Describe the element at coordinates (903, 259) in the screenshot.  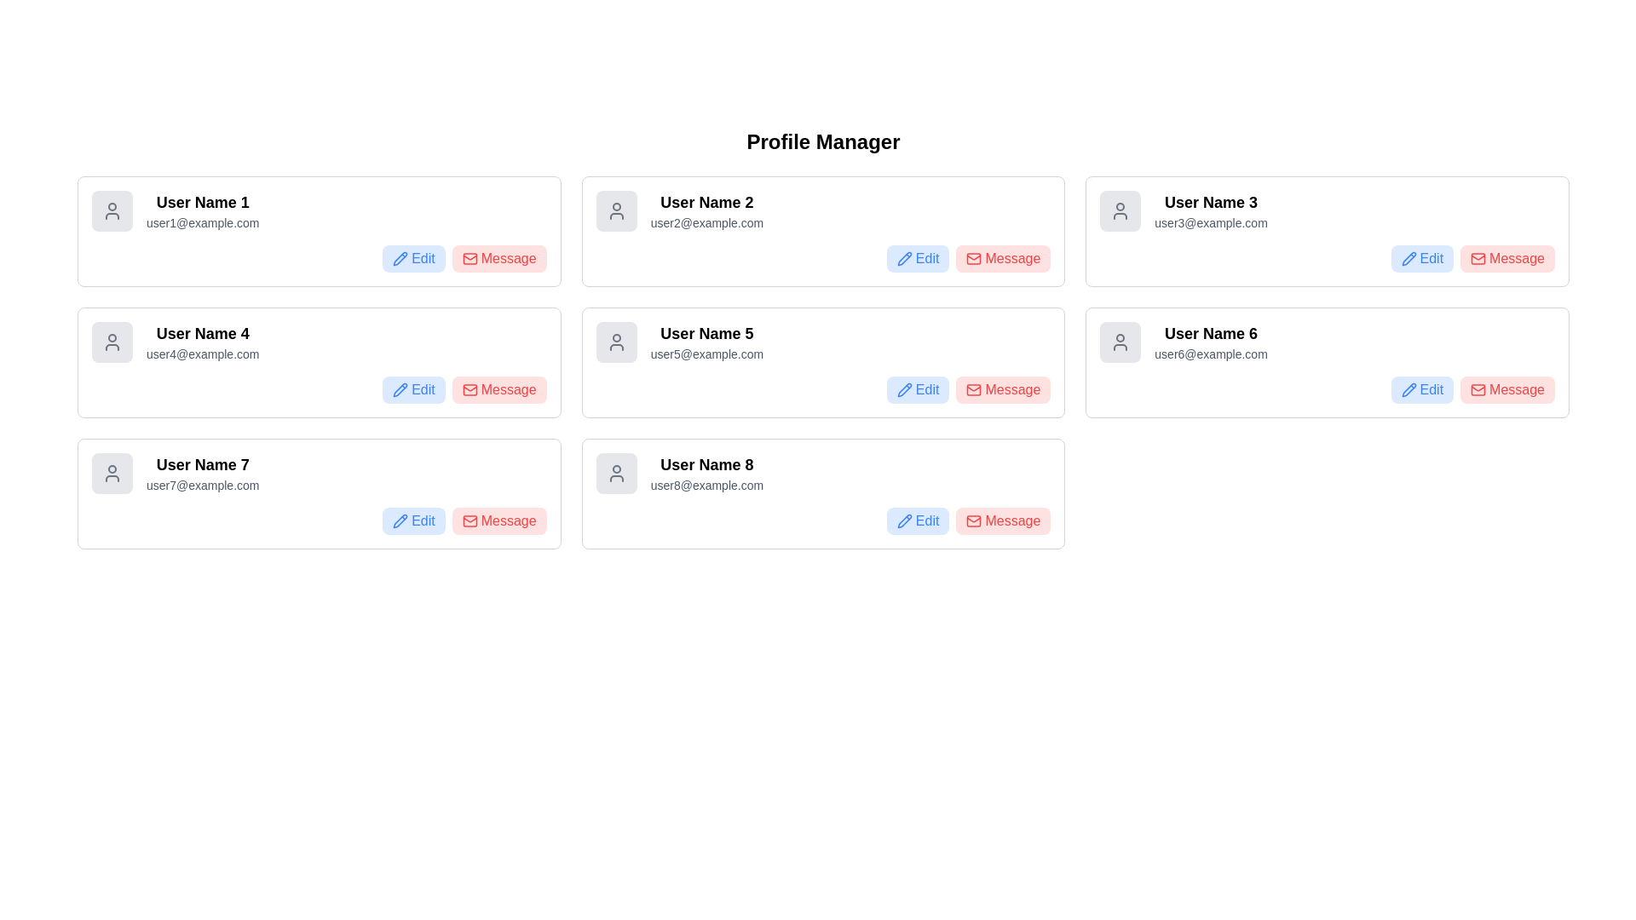
I see `the small blue pencil icon button located in the upper-right corner of the profile card for User Name 2` at that location.